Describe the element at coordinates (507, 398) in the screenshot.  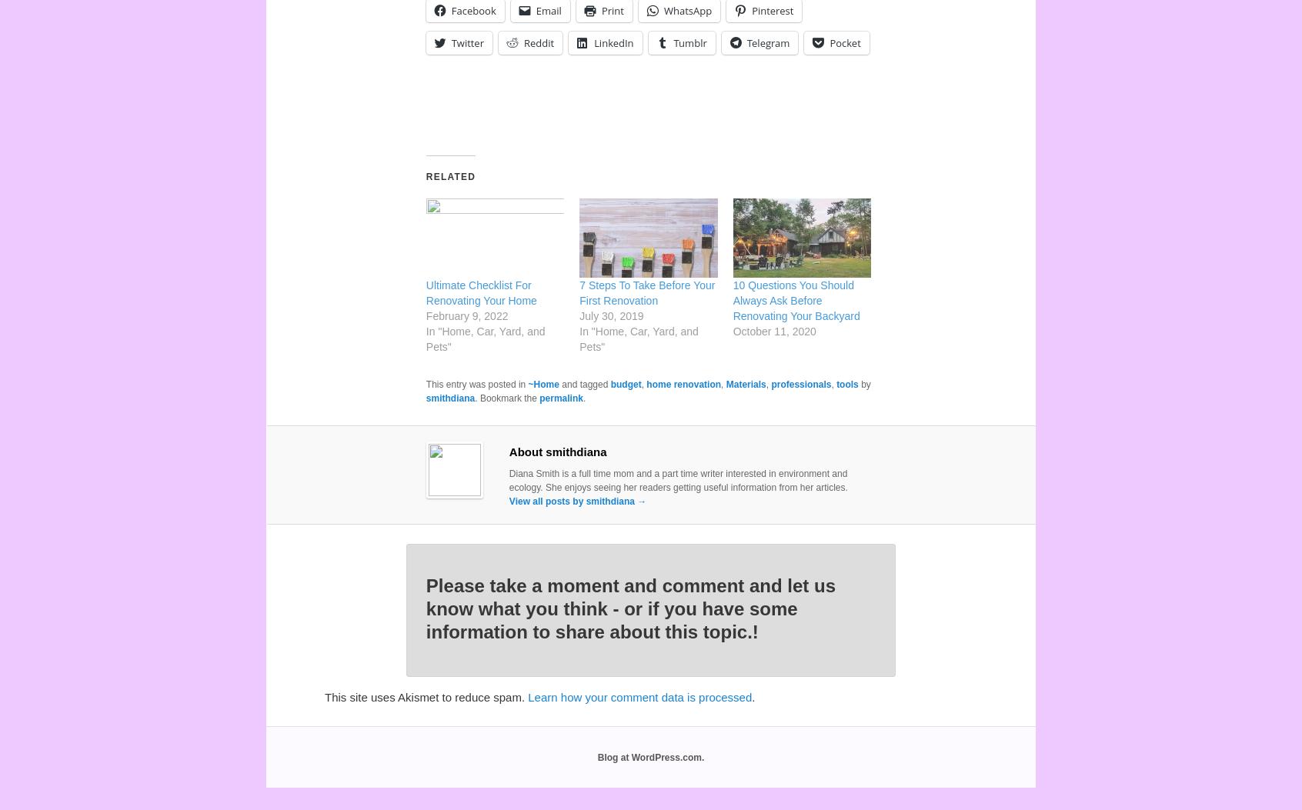
I see `'. Bookmark the'` at that location.